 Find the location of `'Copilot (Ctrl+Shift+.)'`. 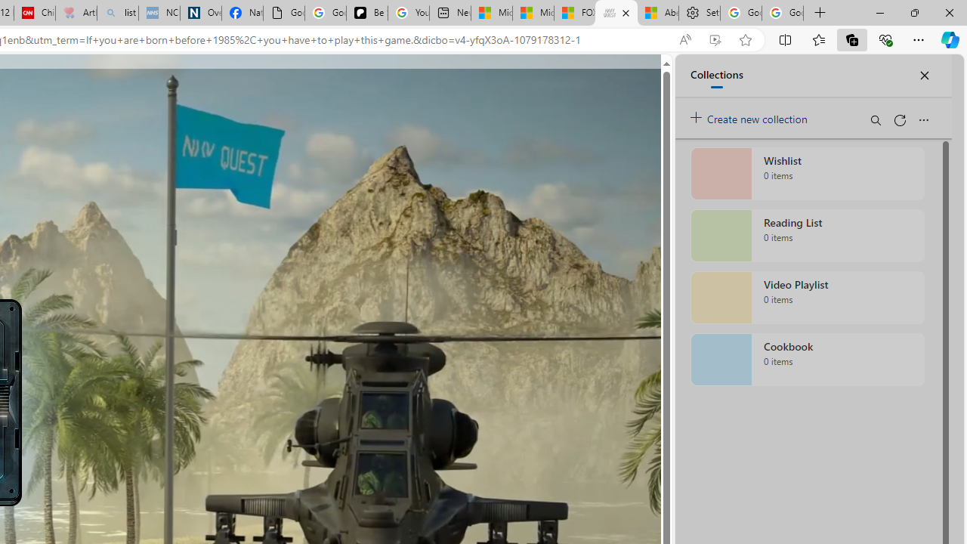

'Copilot (Ctrl+Shift+.)' is located at coordinates (950, 39).